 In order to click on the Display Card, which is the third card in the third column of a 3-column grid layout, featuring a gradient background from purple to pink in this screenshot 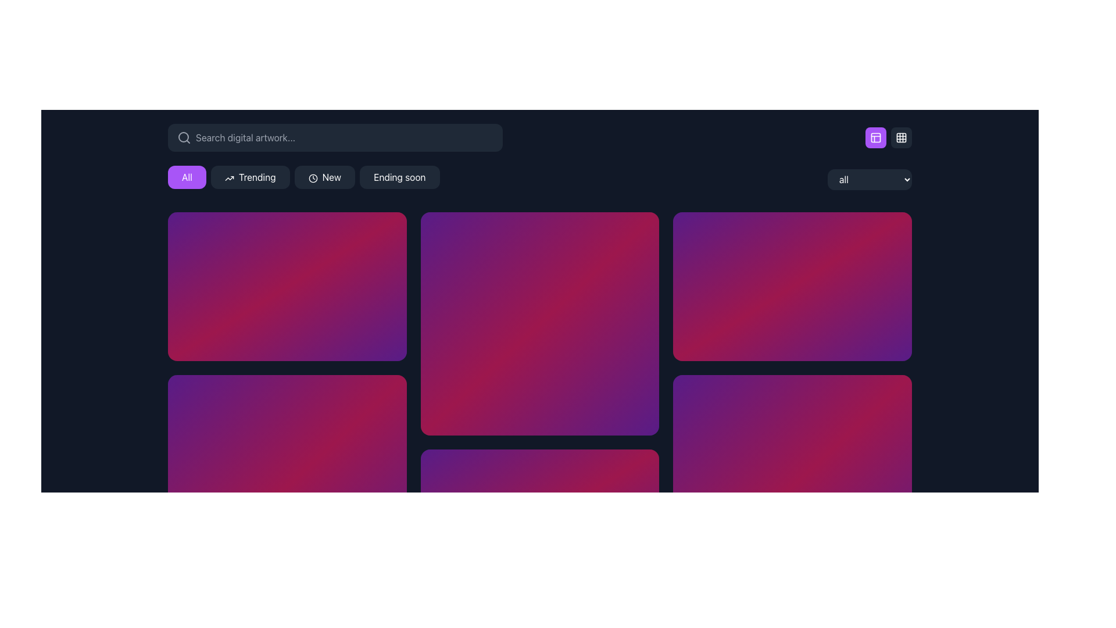, I will do `click(792, 287)`.